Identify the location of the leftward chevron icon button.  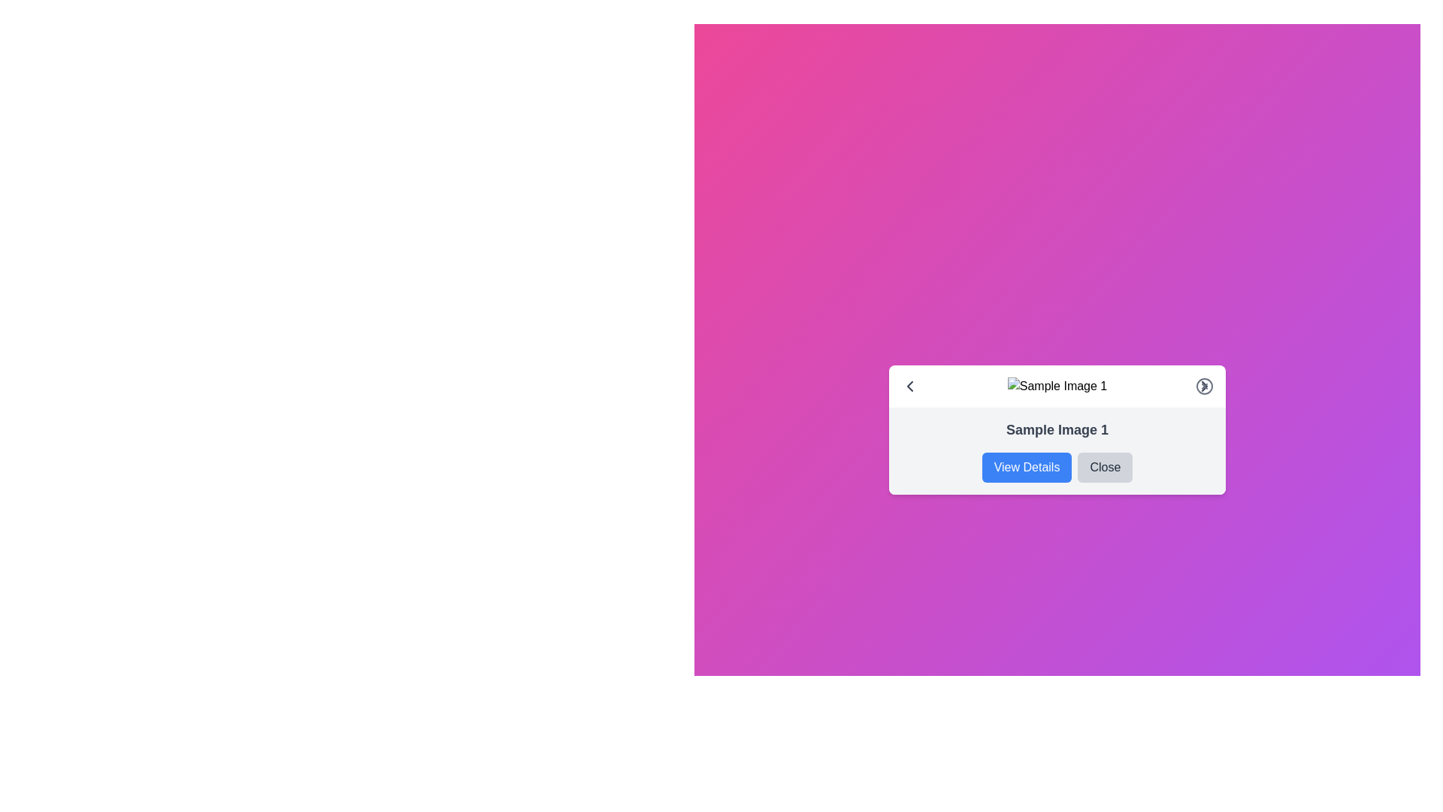
(909, 385).